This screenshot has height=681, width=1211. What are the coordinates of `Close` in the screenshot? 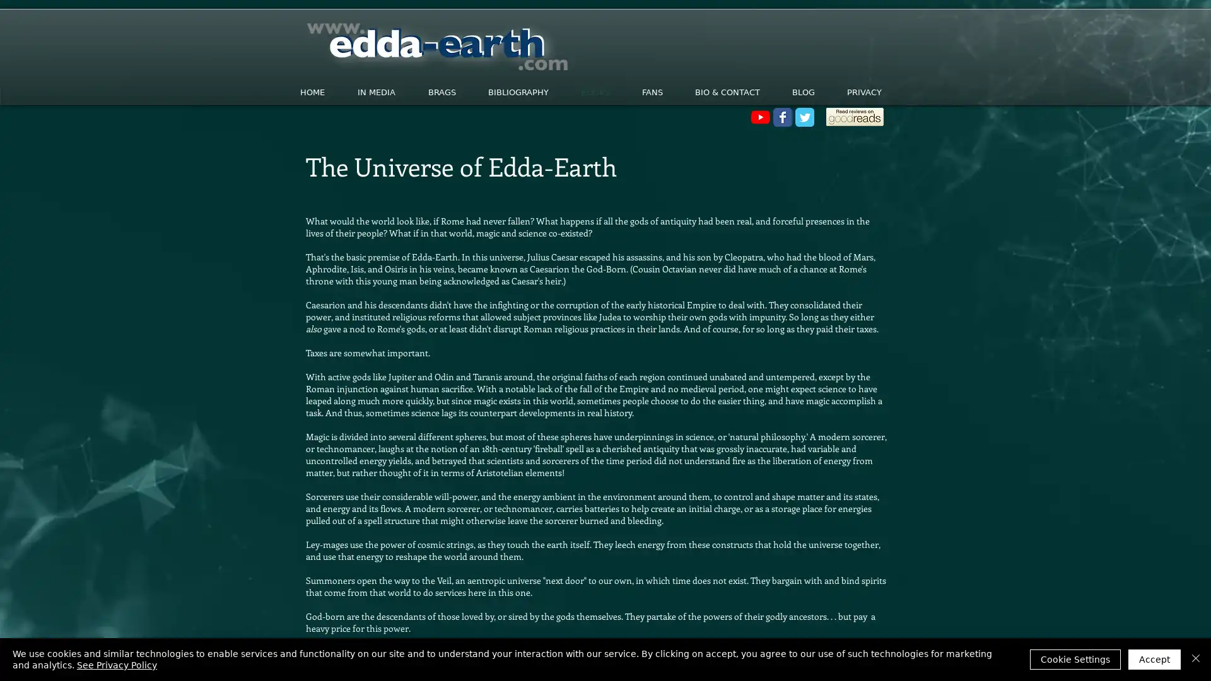 It's located at (1195, 658).